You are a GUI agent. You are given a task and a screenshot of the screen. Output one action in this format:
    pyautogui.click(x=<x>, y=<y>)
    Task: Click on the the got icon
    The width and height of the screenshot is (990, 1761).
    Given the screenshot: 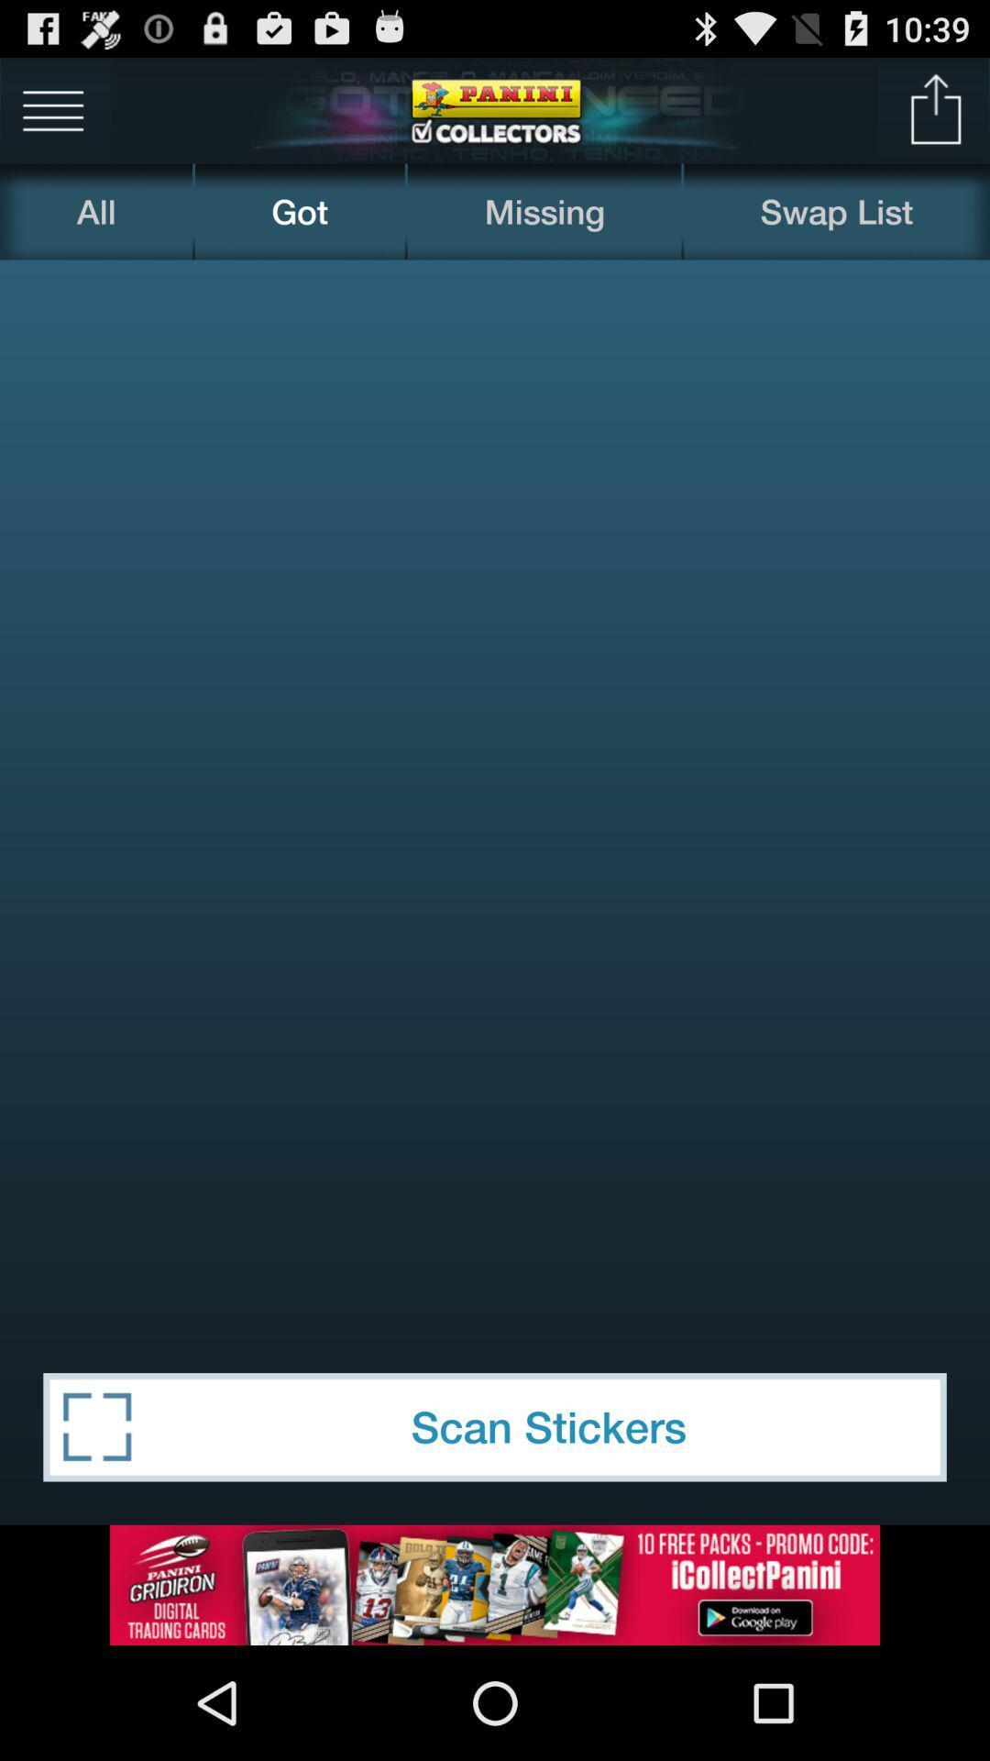 What is the action you would take?
    pyautogui.click(x=299, y=211)
    